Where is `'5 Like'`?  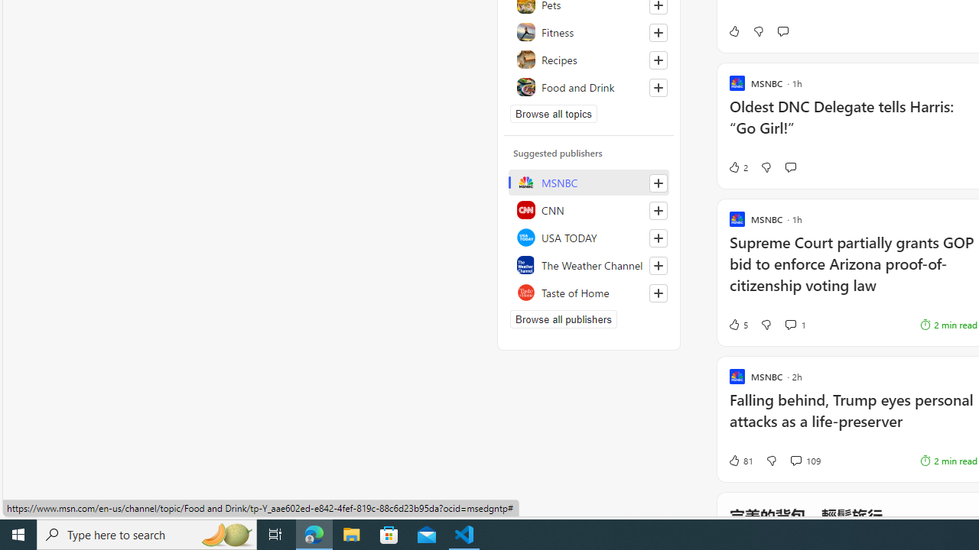 '5 Like' is located at coordinates (737, 324).